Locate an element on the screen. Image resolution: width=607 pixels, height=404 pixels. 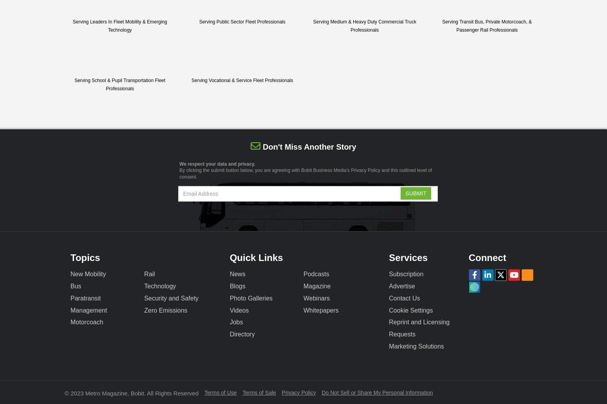
'Reprint and Licensing Requests' is located at coordinates (388, 328).